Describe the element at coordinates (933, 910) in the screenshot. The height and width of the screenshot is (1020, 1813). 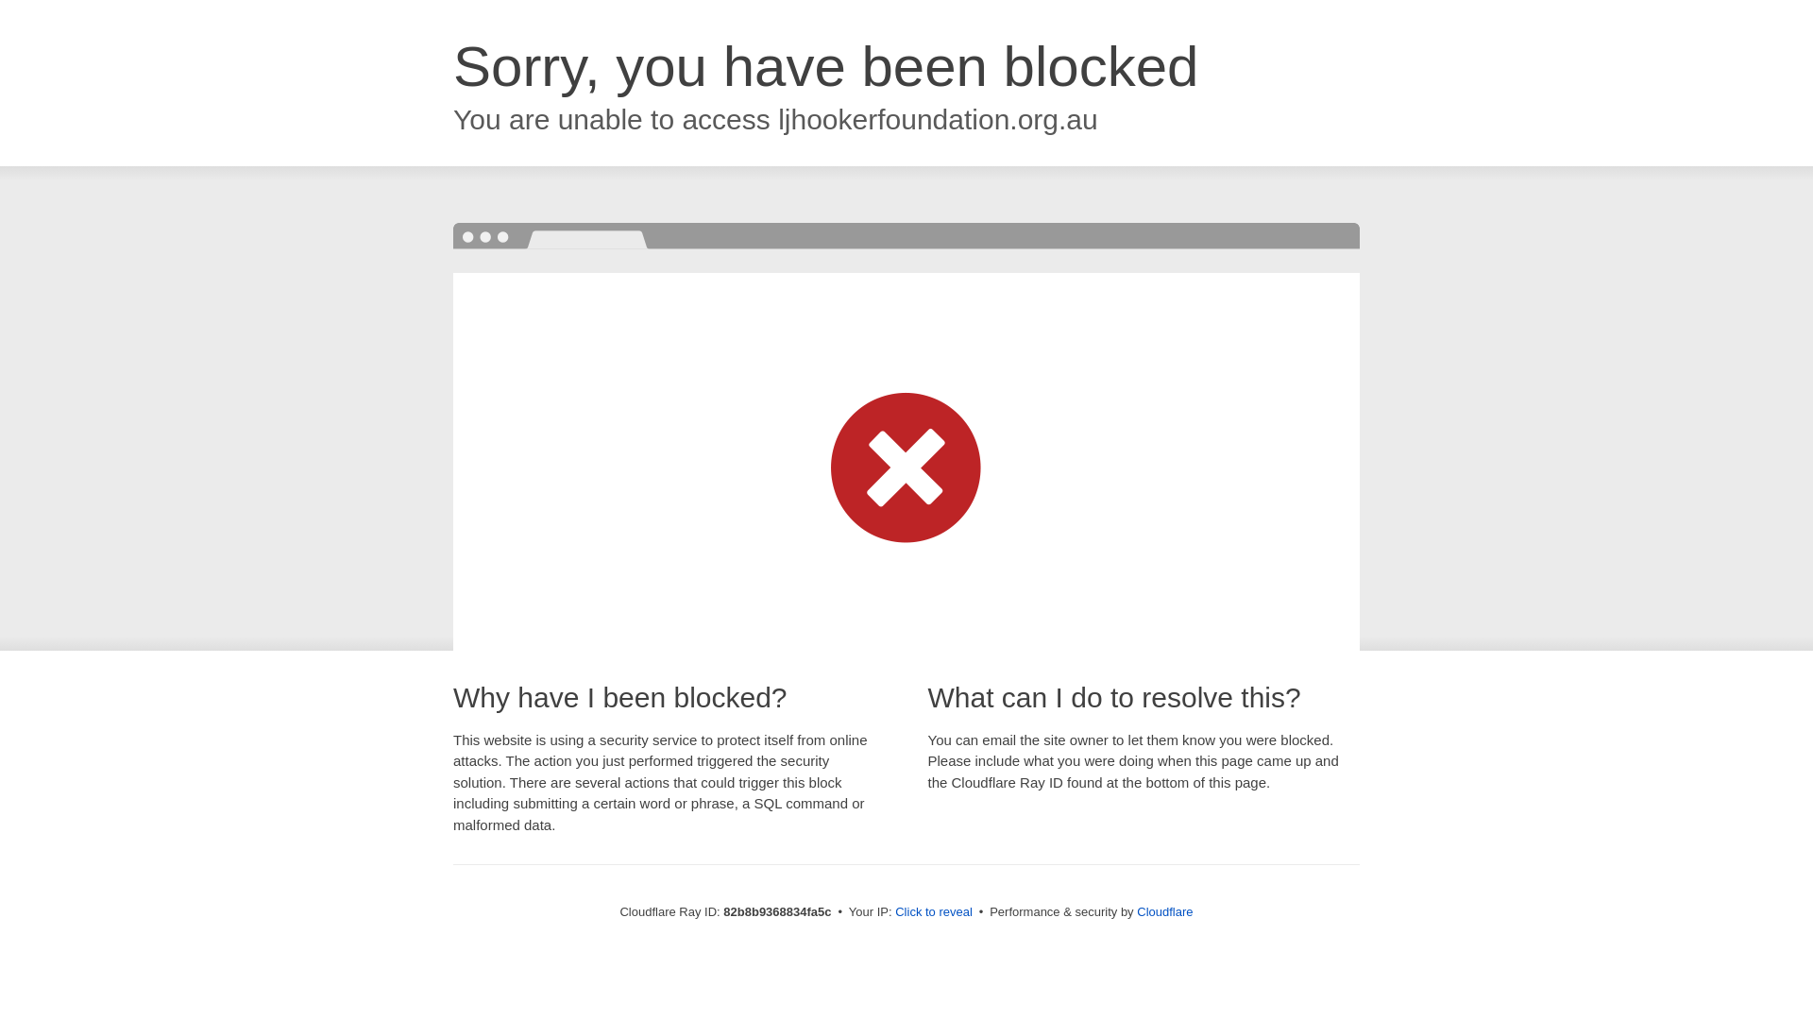
I see `'Click to reveal'` at that location.